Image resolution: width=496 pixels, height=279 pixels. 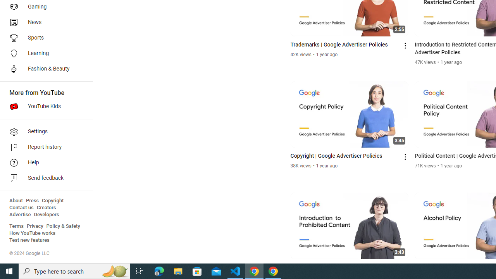 I want to click on 'Fashion & Beauty', so click(x=43, y=68).